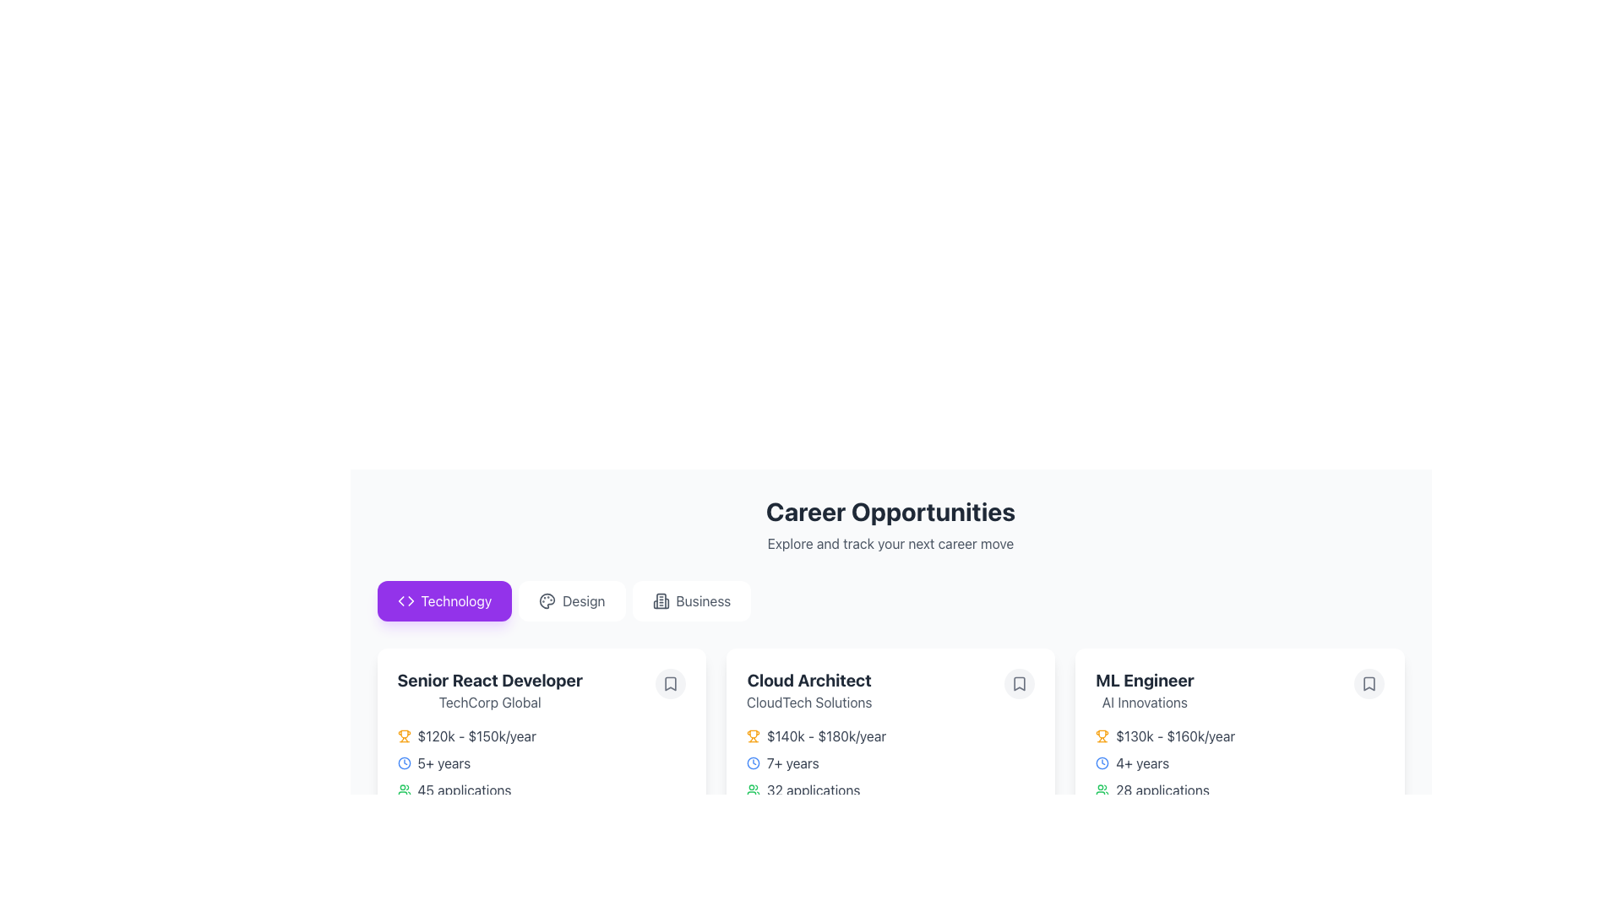 The width and height of the screenshot is (1622, 912). What do you see at coordinates (489, 690) in the screenshot?
I see `text from the job title and company information presented in the first job listing within the 'Technology' tab, located to the left of the circular bookmark button` at bounding box center [489, 690].